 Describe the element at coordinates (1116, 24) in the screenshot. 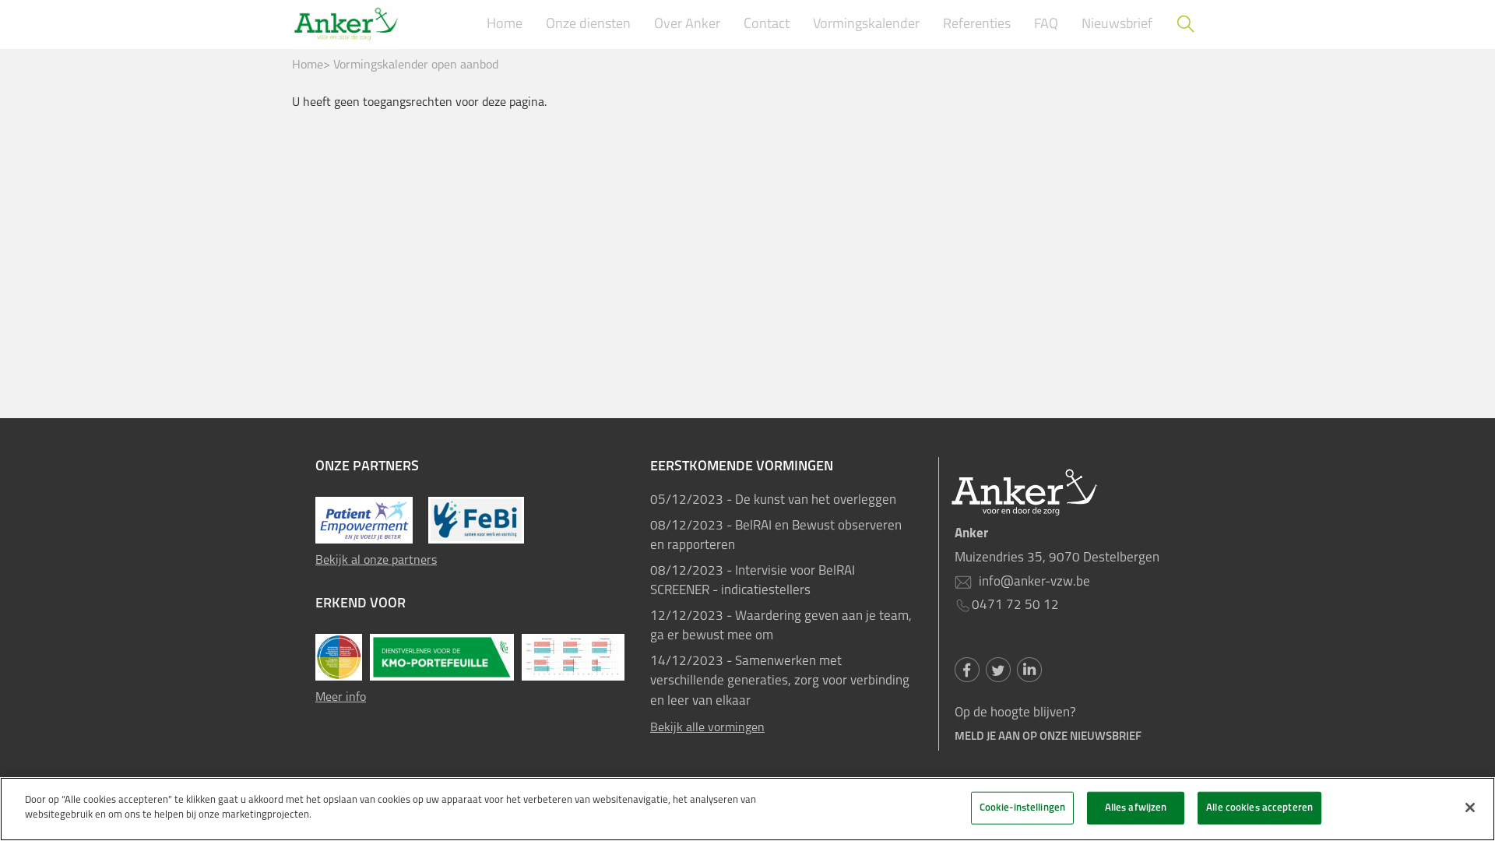

I see `'Nieuwsbrief'` at that location.